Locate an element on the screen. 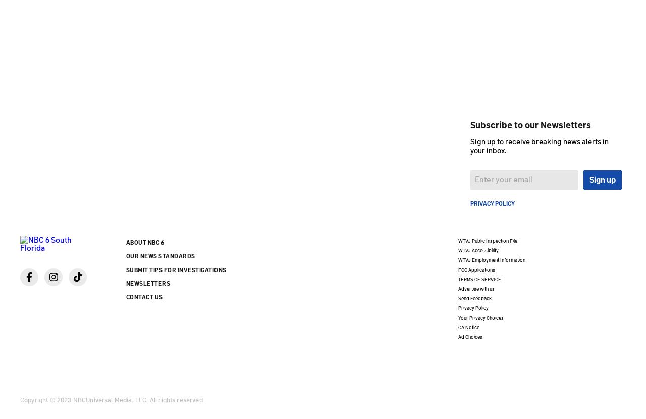 Image resolution: width=646 pixels, height=419 pixels. 'FCC Applications' is located at coordinates (476, 269).